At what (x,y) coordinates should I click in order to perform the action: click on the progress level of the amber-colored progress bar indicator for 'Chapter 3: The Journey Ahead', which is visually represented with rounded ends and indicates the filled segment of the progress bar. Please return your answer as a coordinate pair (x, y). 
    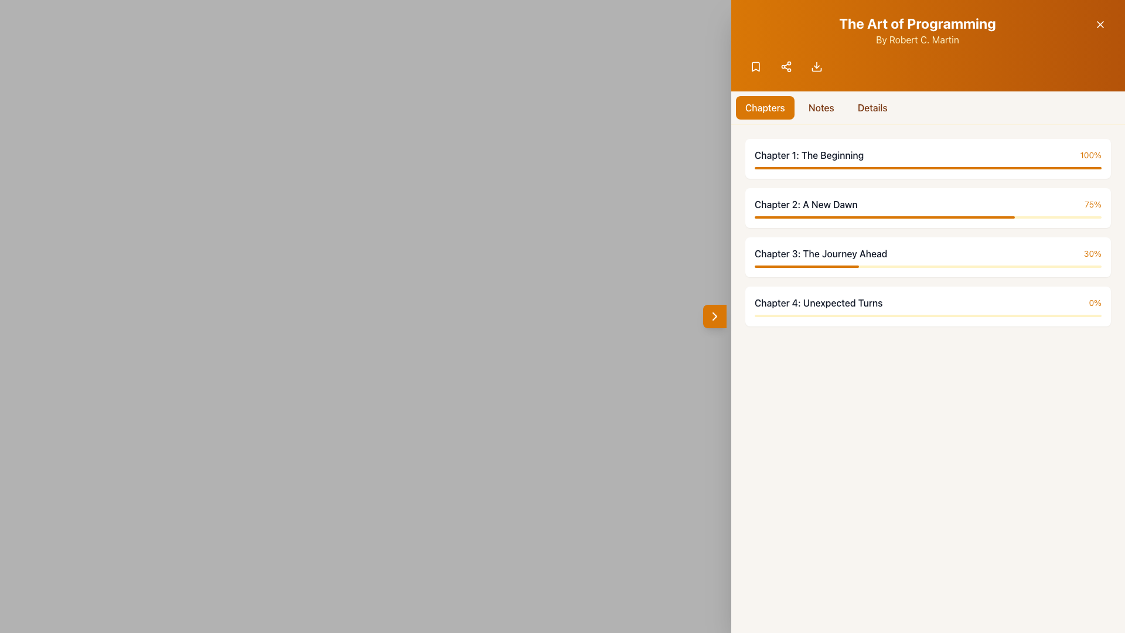
    Looking at the image, I should click on (806, 267).